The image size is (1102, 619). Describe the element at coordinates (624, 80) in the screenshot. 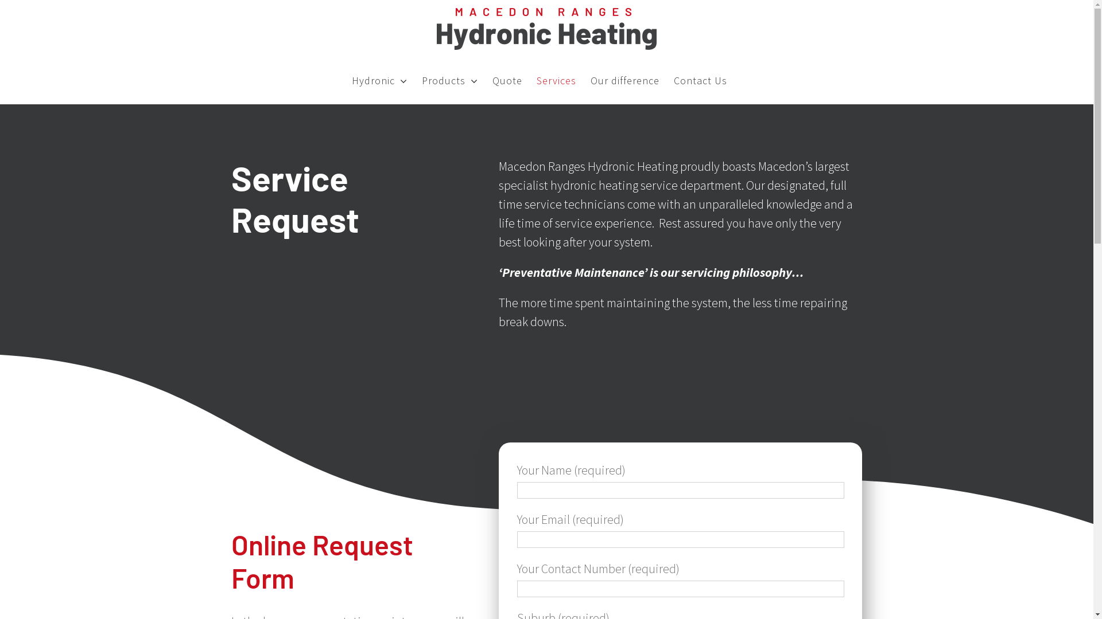

I see `'Our difference'` at that location.